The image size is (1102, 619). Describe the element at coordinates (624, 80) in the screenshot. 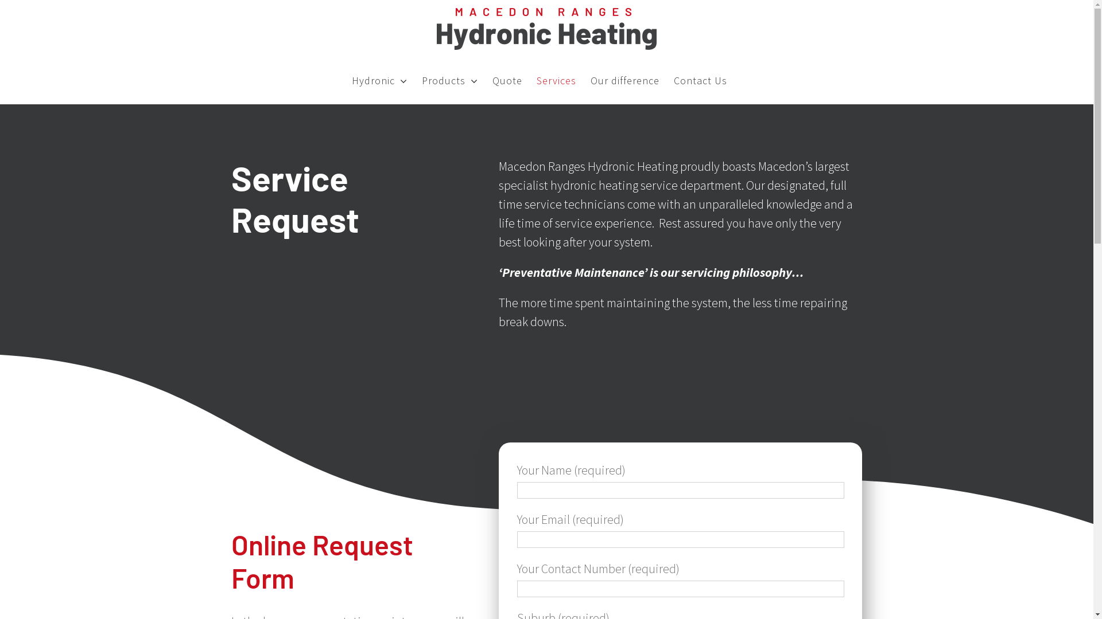

I see `'Our difference'` at that location.